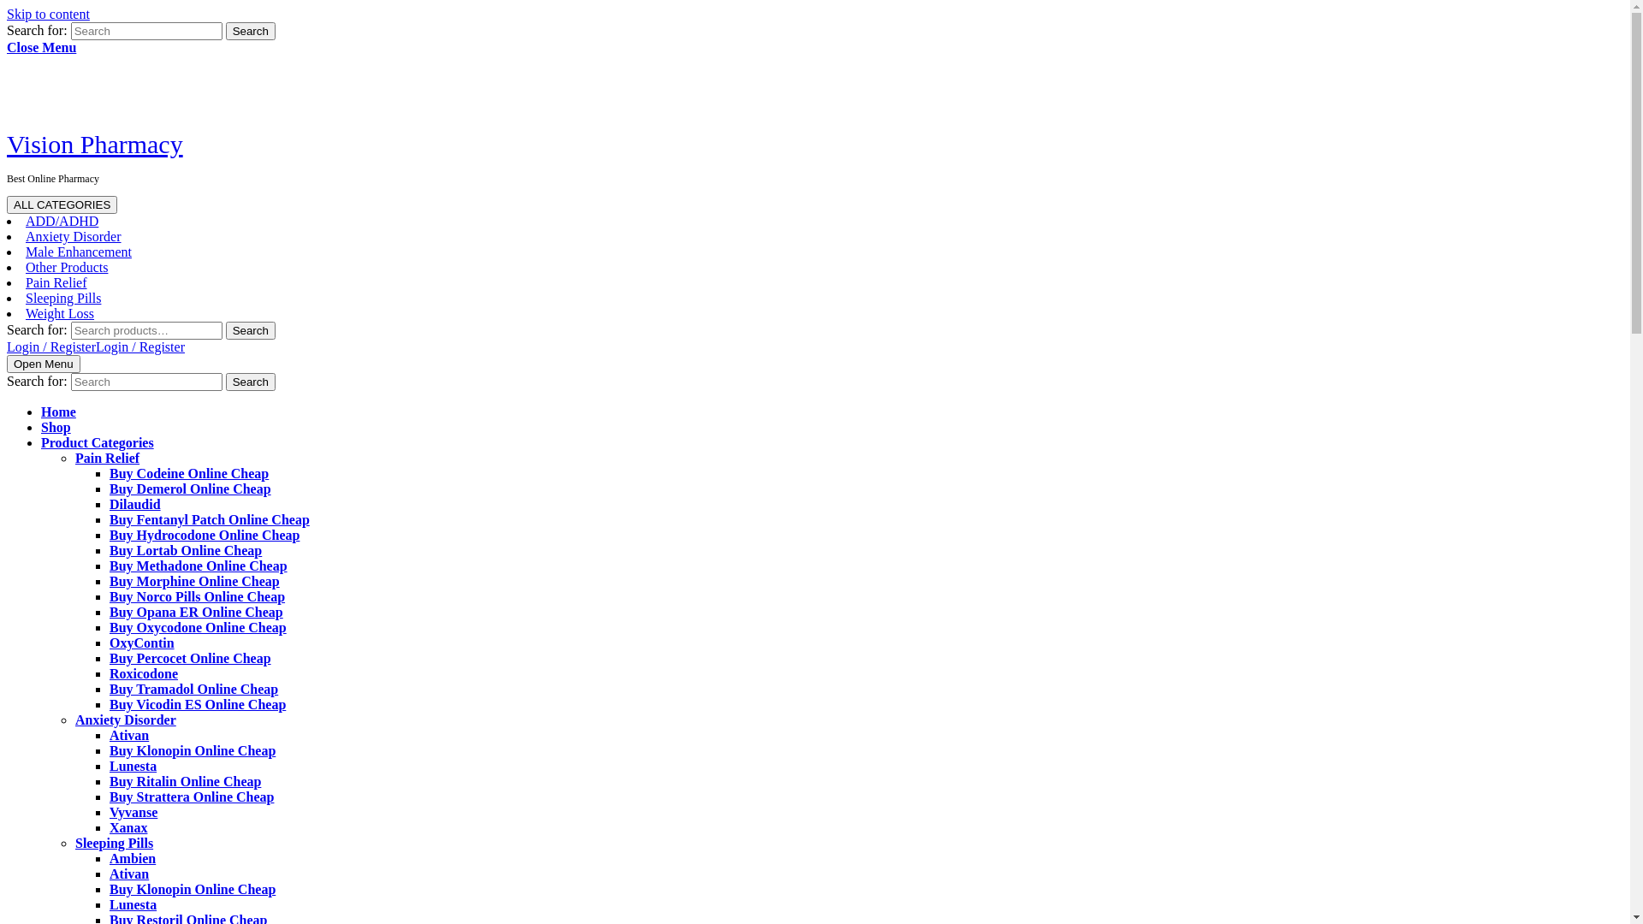 The height and width of the screenshot is (924, 1643). I want to click on 'Ativan', so click(128, 874).